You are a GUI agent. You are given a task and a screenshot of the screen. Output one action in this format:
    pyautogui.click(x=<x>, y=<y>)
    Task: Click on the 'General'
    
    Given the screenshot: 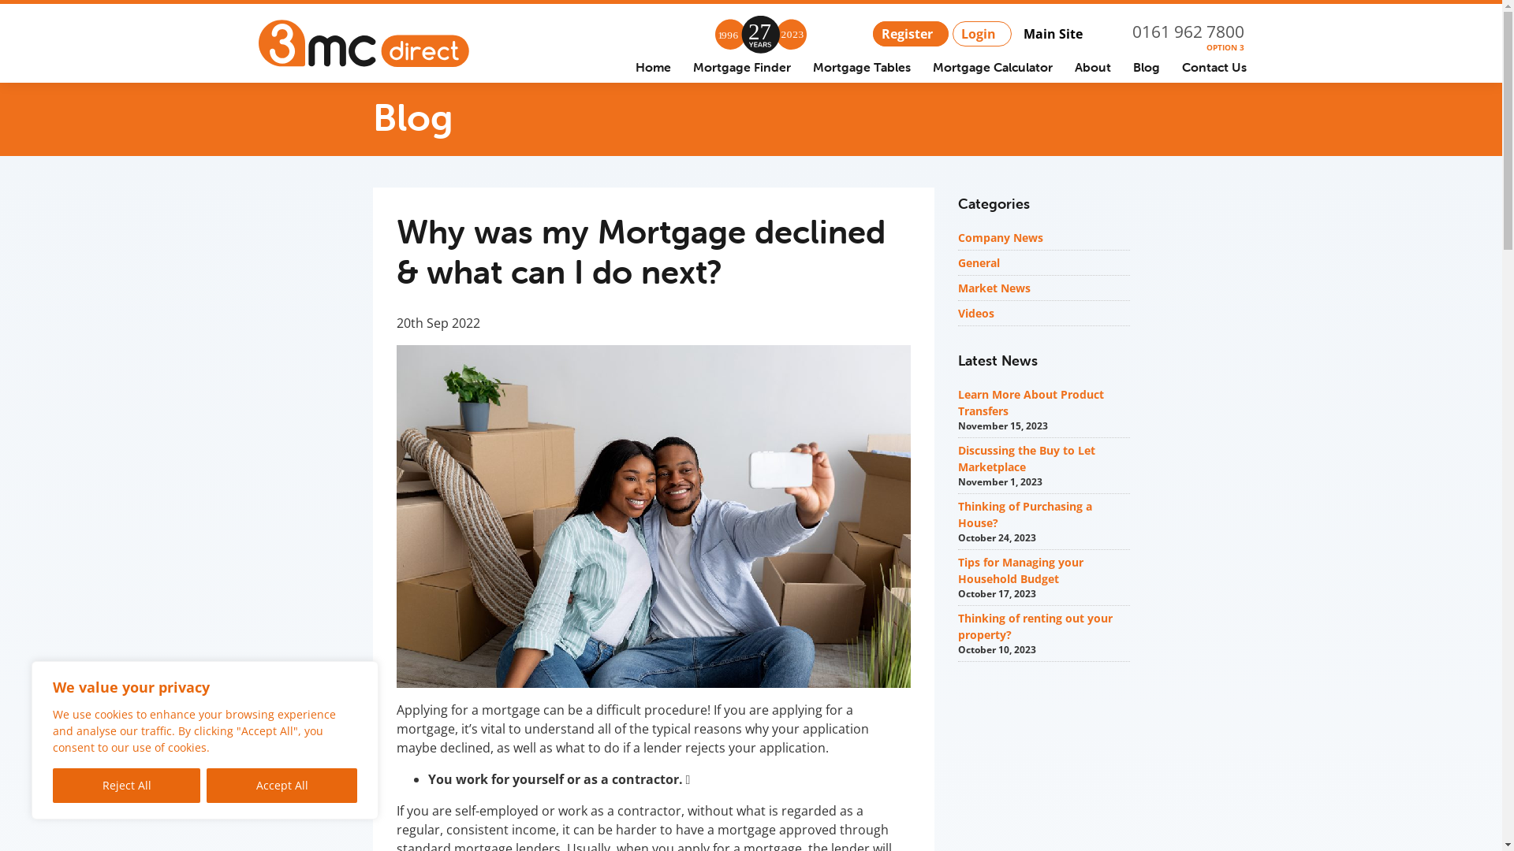 What is the action you would take?
    pyautogui.click(x=978, y=262)
    